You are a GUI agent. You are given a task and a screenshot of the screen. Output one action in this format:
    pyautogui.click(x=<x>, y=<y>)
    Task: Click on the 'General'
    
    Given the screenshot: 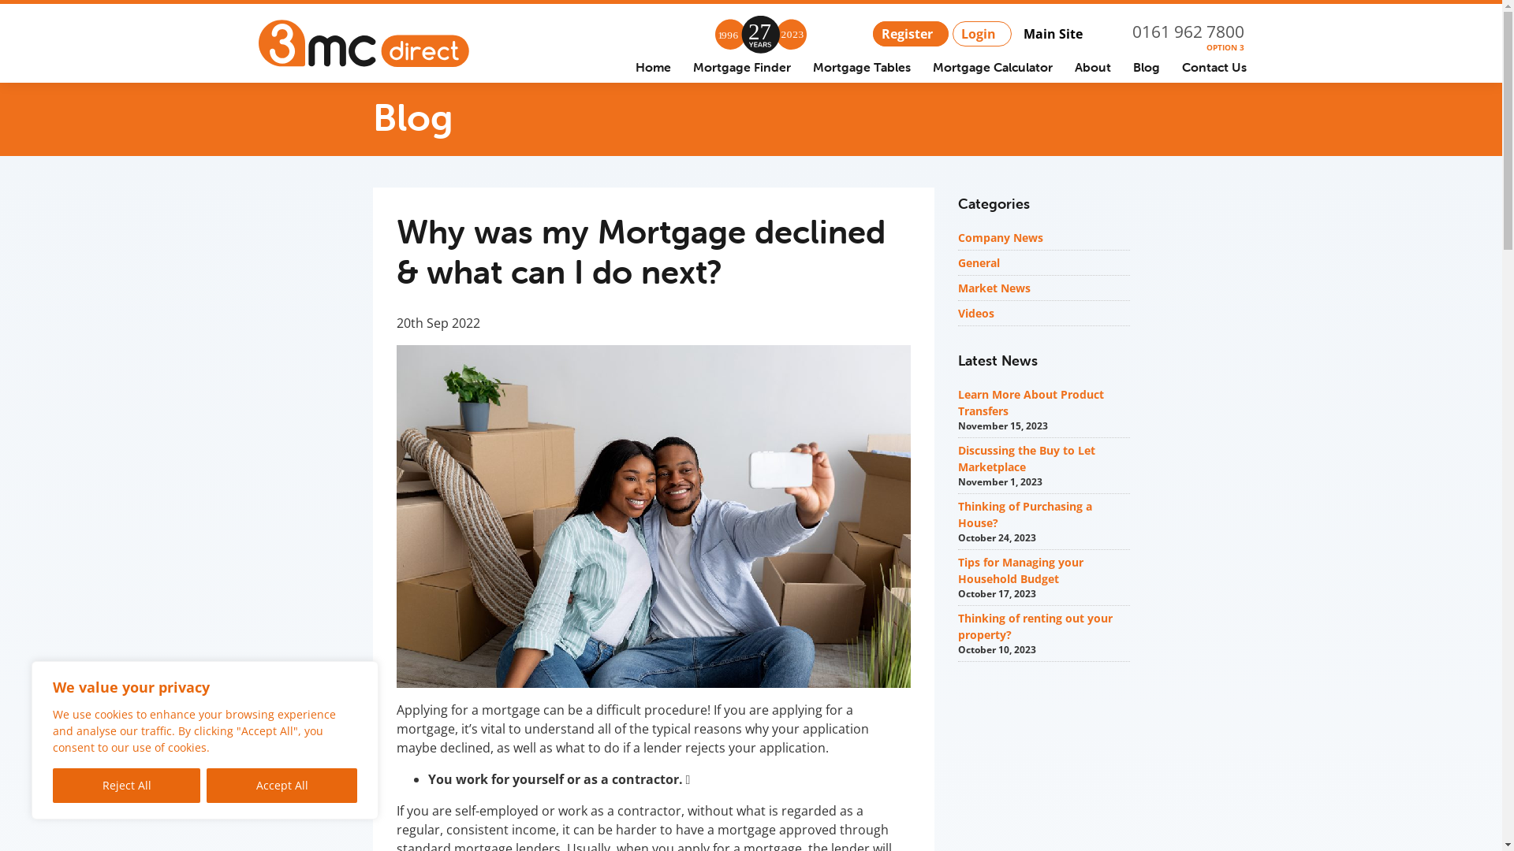 What is the action you would take?
    pyautogui.click(x=978, y=262)
    